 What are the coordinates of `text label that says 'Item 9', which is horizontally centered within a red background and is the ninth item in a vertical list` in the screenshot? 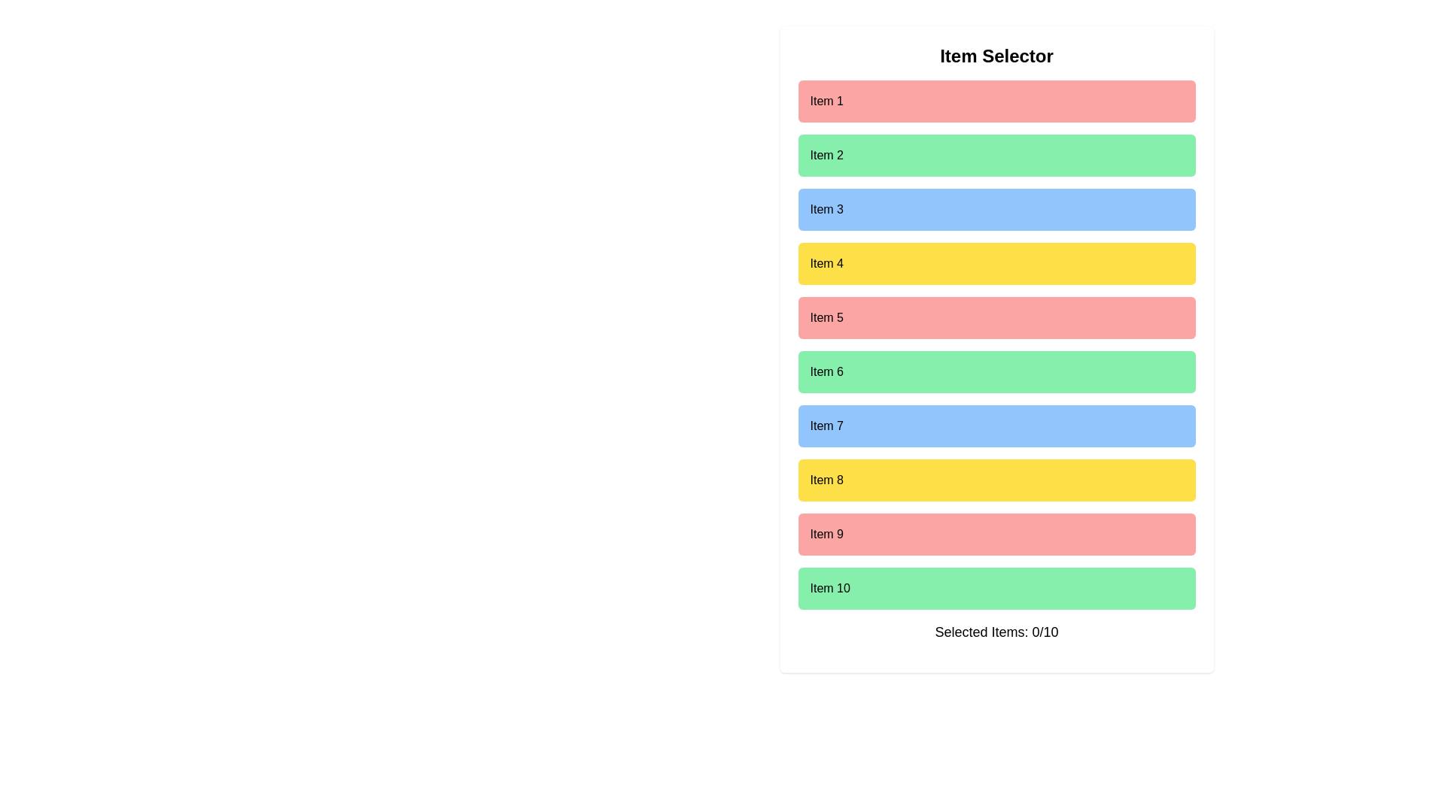 It's located at (826, 533).